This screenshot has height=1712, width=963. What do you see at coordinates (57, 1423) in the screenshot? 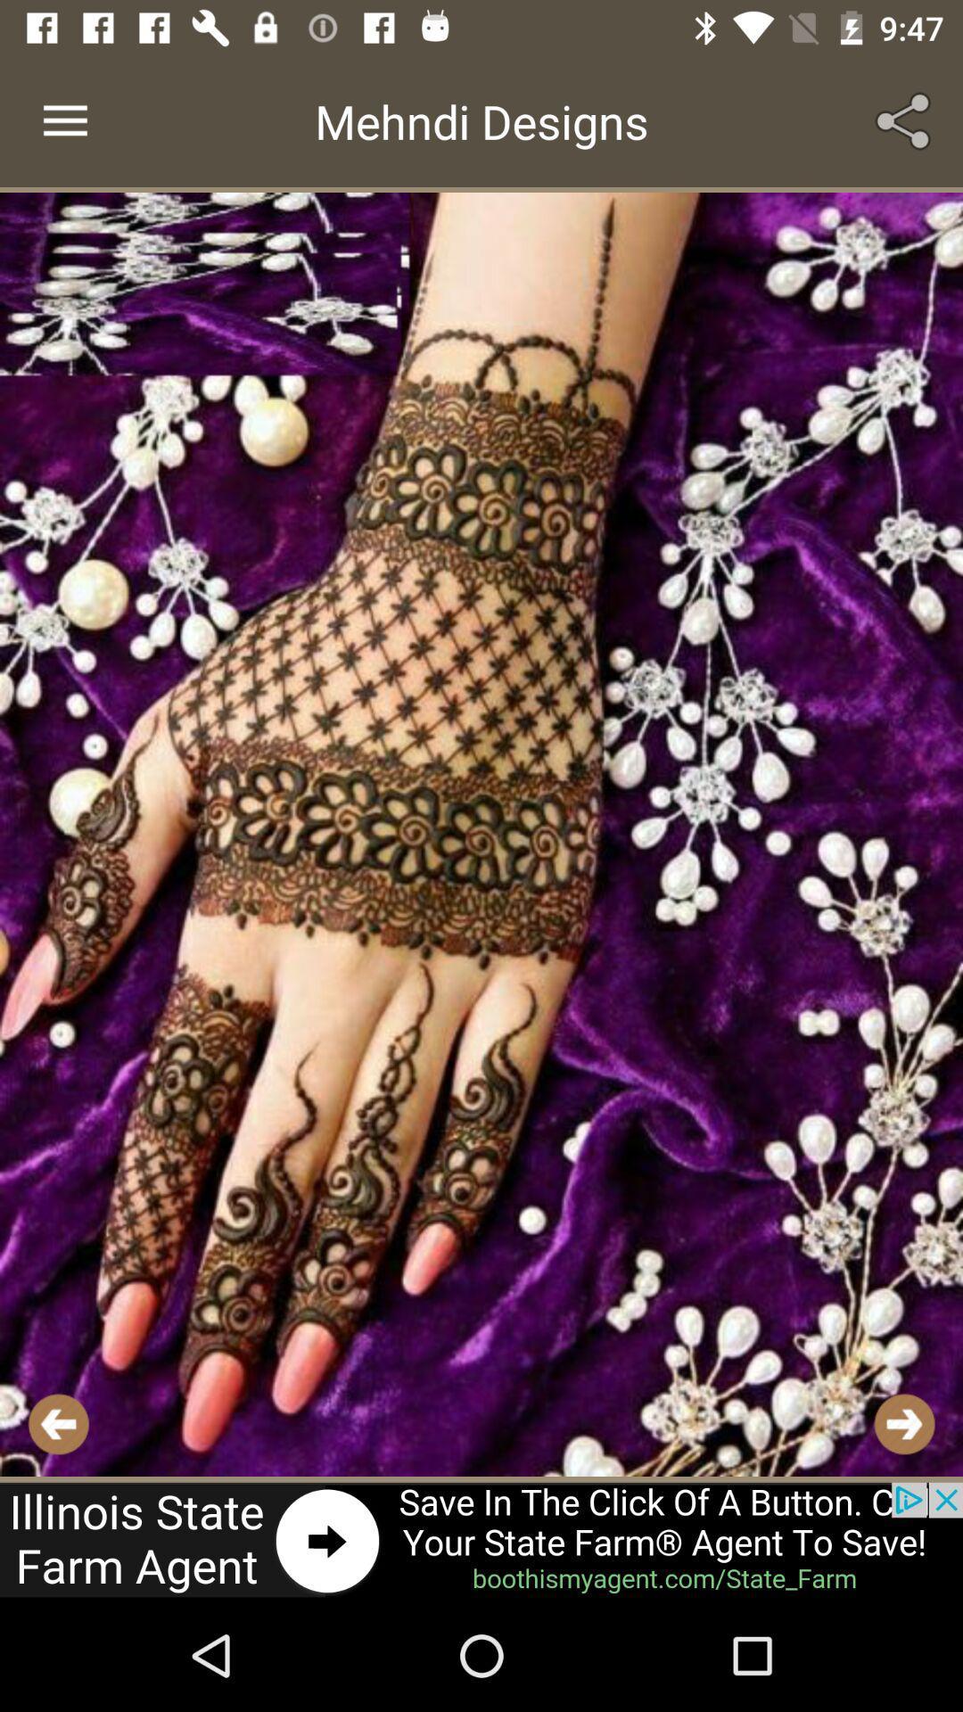
I see `previous image` at bounding box center [57, 1423].